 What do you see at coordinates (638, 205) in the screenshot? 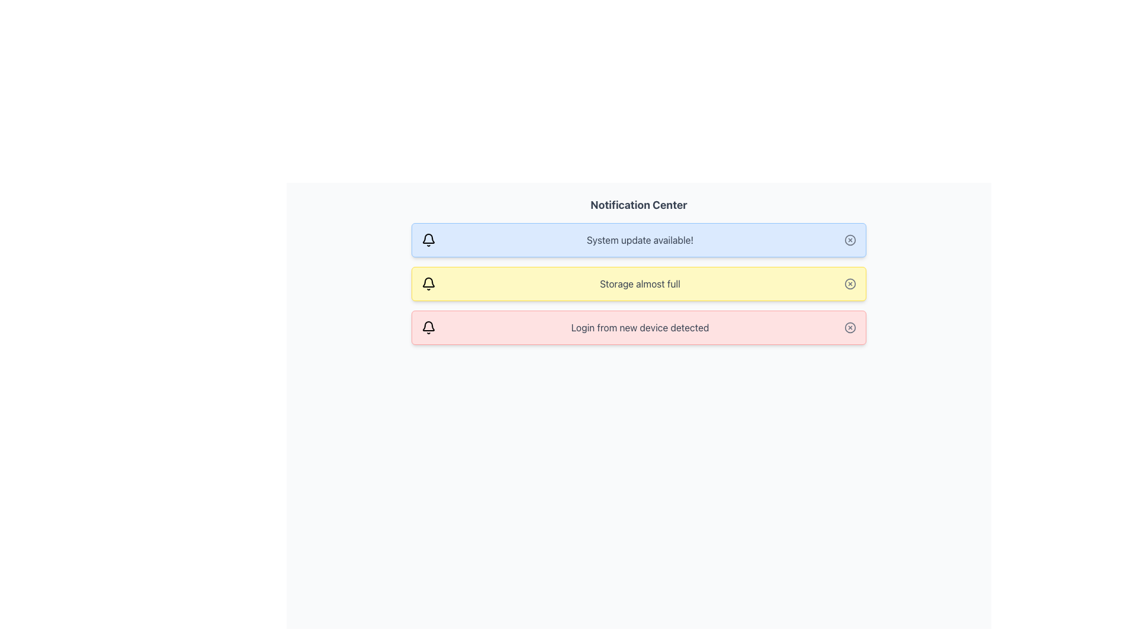
I see `the Text element styled as a heading, which serves as the title for the notification section, positioned at the top center of the user interface` at bounding box center [638, 205].